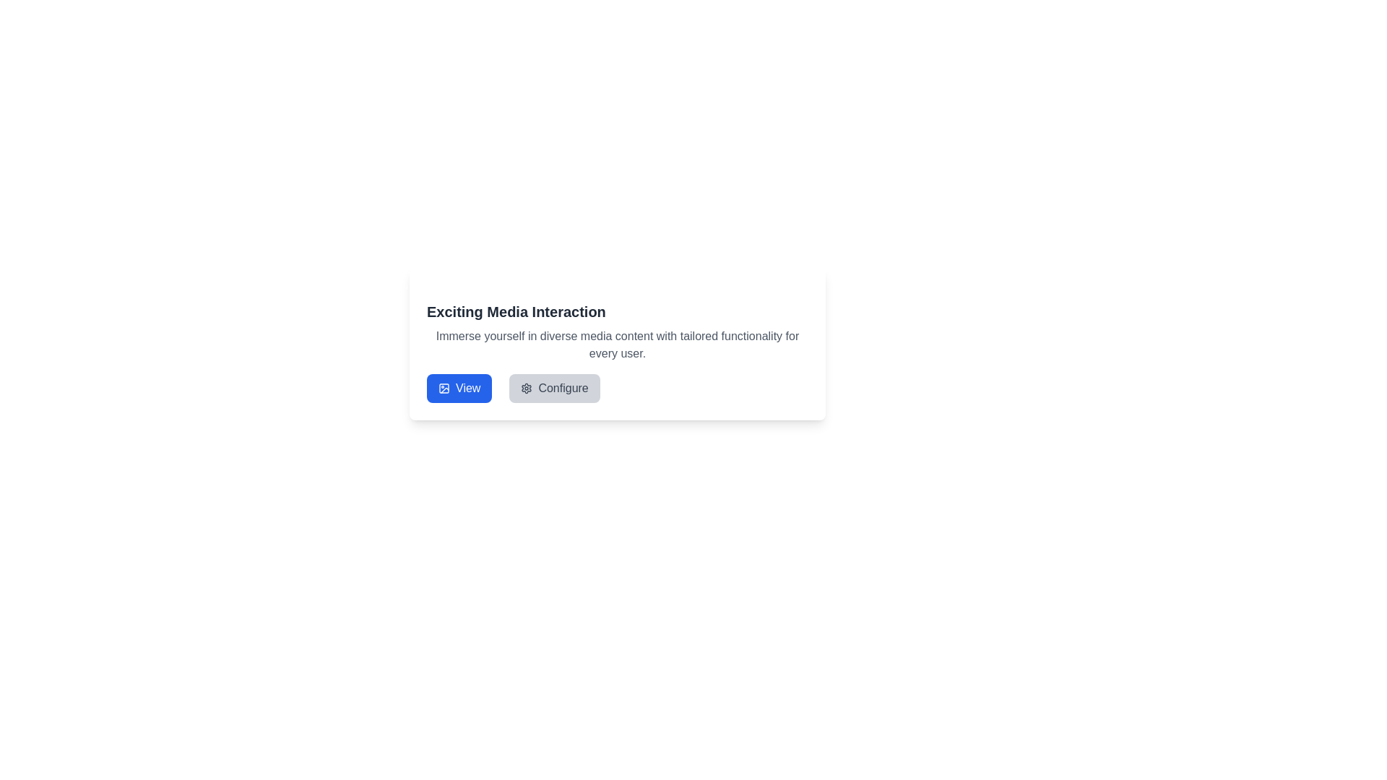  What do you see at coordinates (443, 387) in the screenshot?
I see `the SVG icon that visually enhances the 'View' button located at the bottom-left corner of the card, positioned left to the 'View' label text` at bounding box center [443, 387].